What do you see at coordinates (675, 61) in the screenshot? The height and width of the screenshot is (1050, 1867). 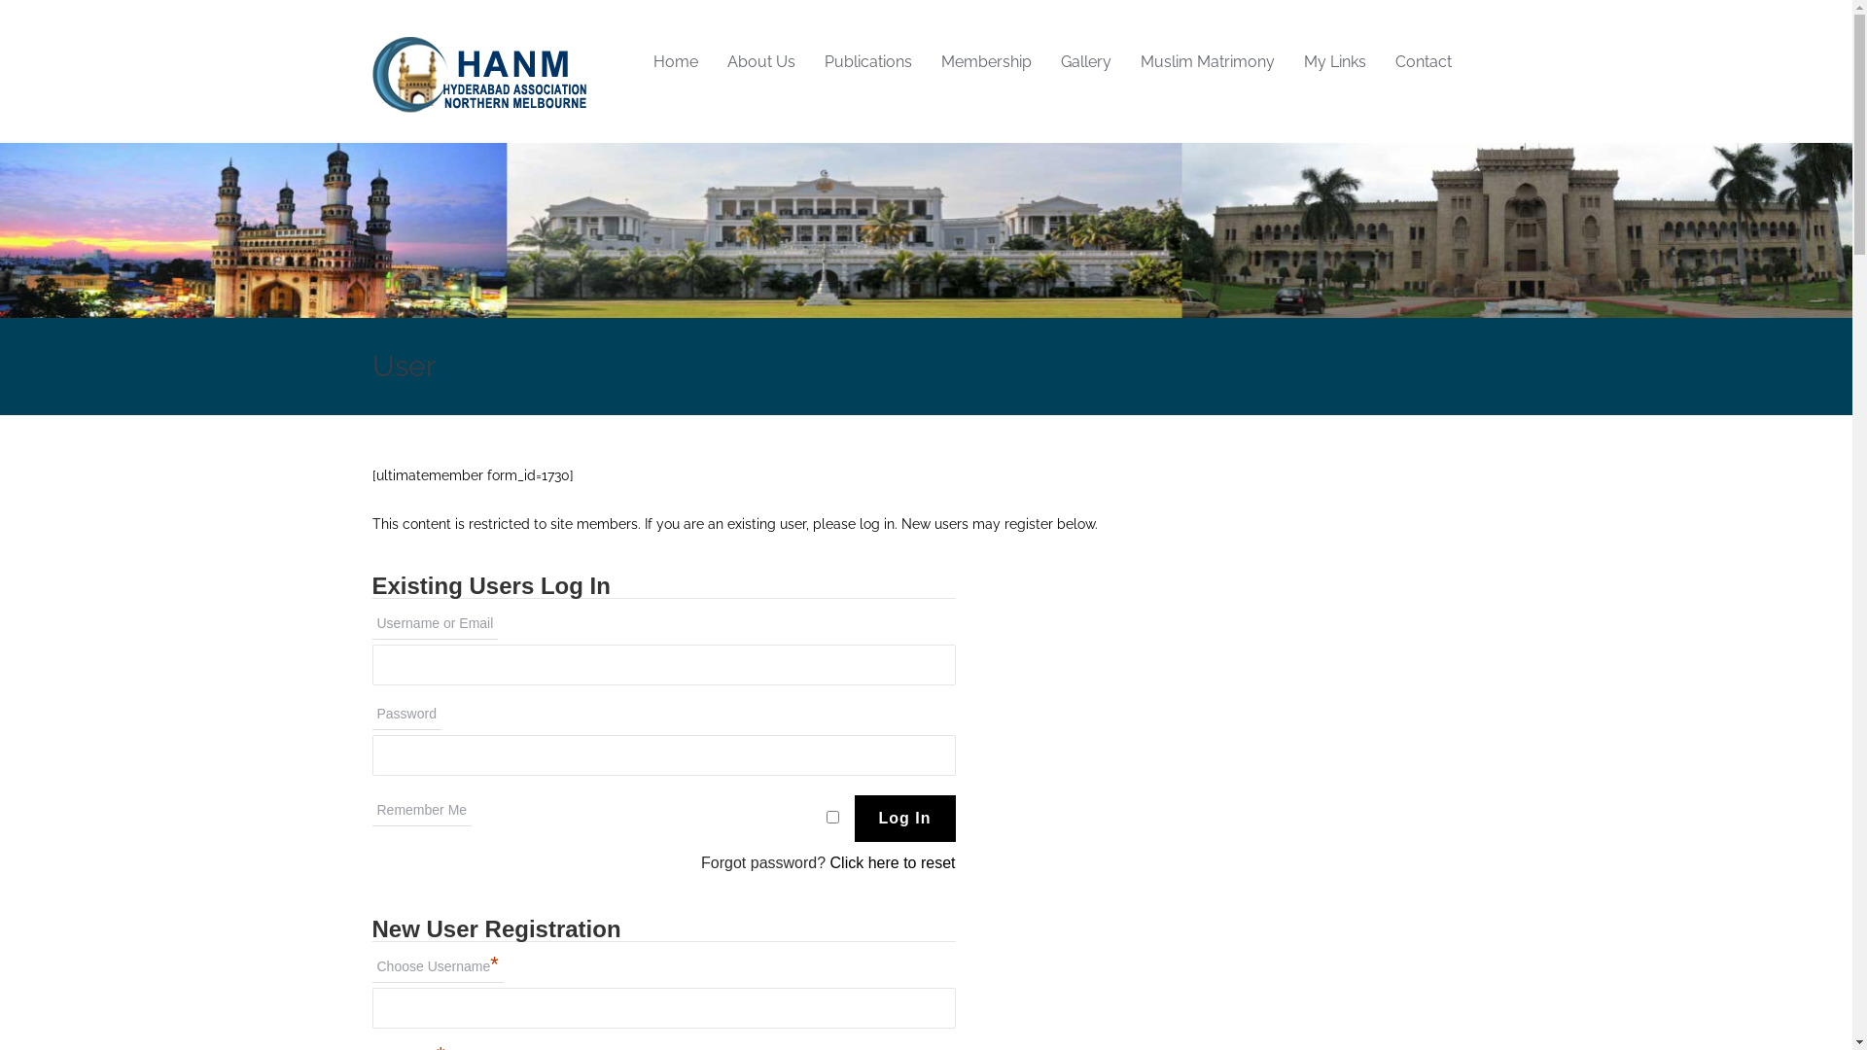 I see `'Home'` at bounding box center [675, 61].